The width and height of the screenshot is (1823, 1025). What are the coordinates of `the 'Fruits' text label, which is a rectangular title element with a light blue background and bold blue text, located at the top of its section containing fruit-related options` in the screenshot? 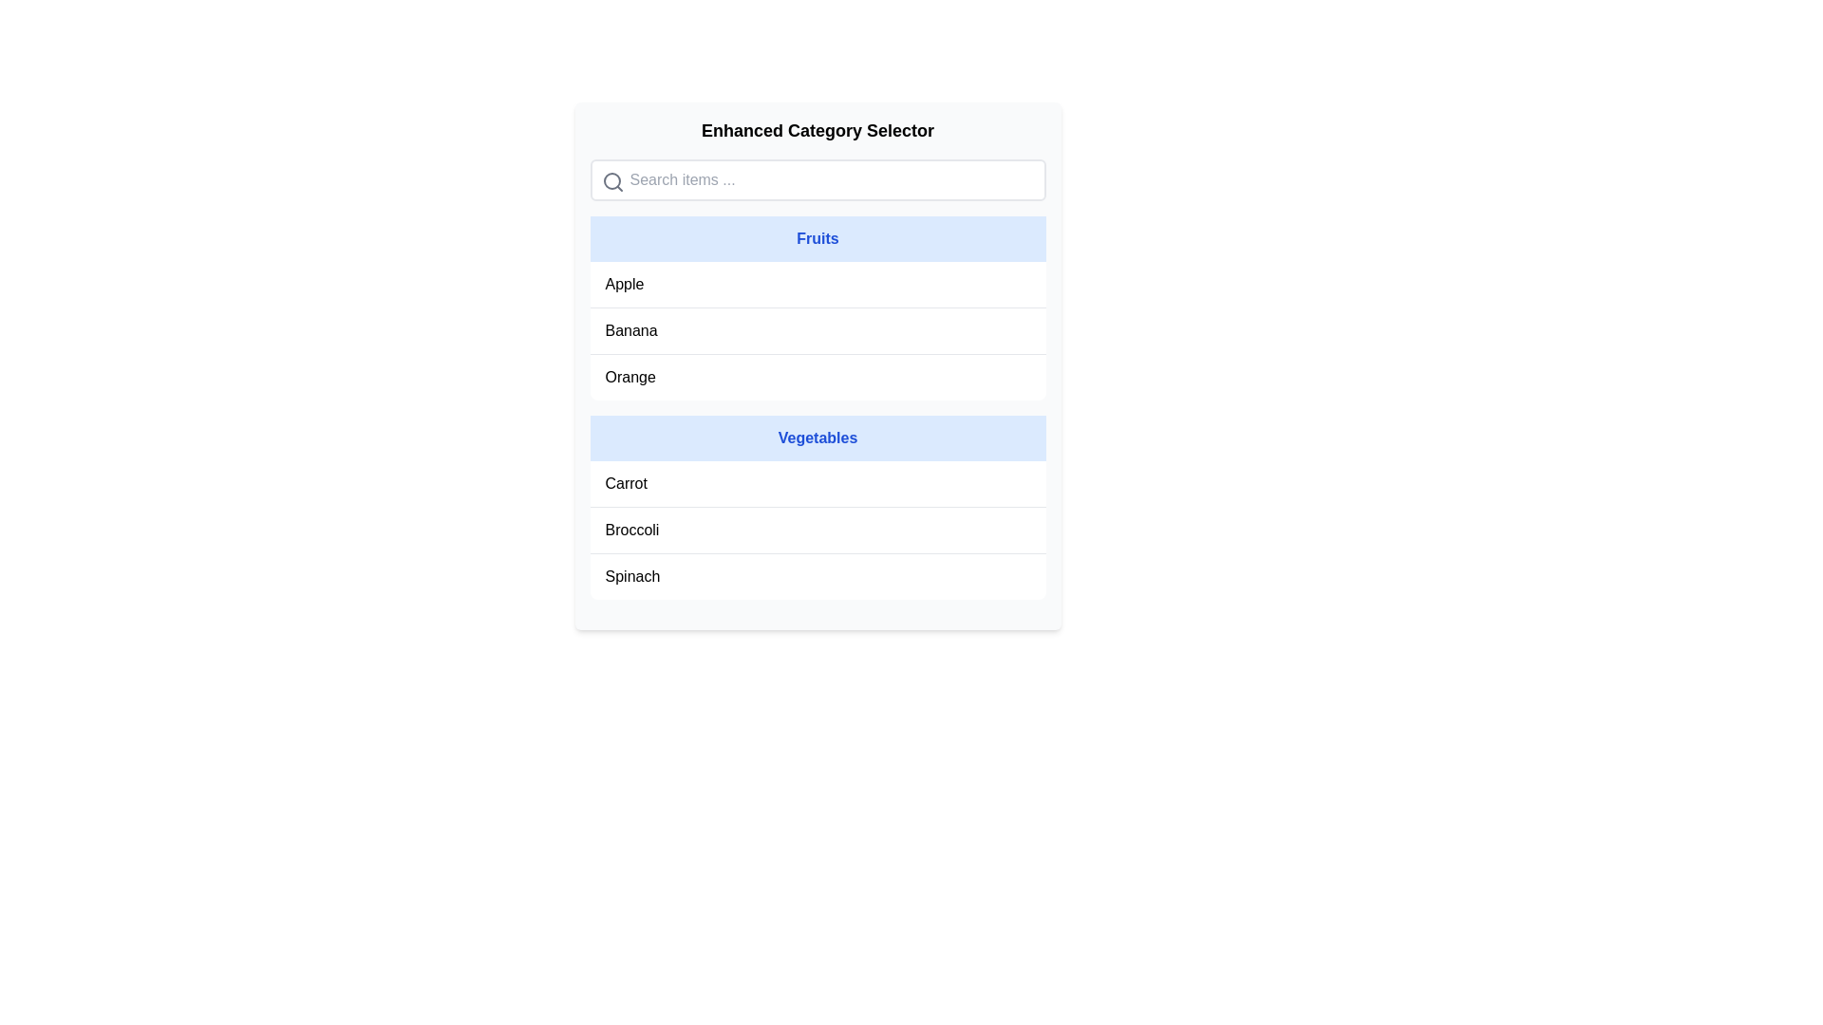 It's located at (818, 237).